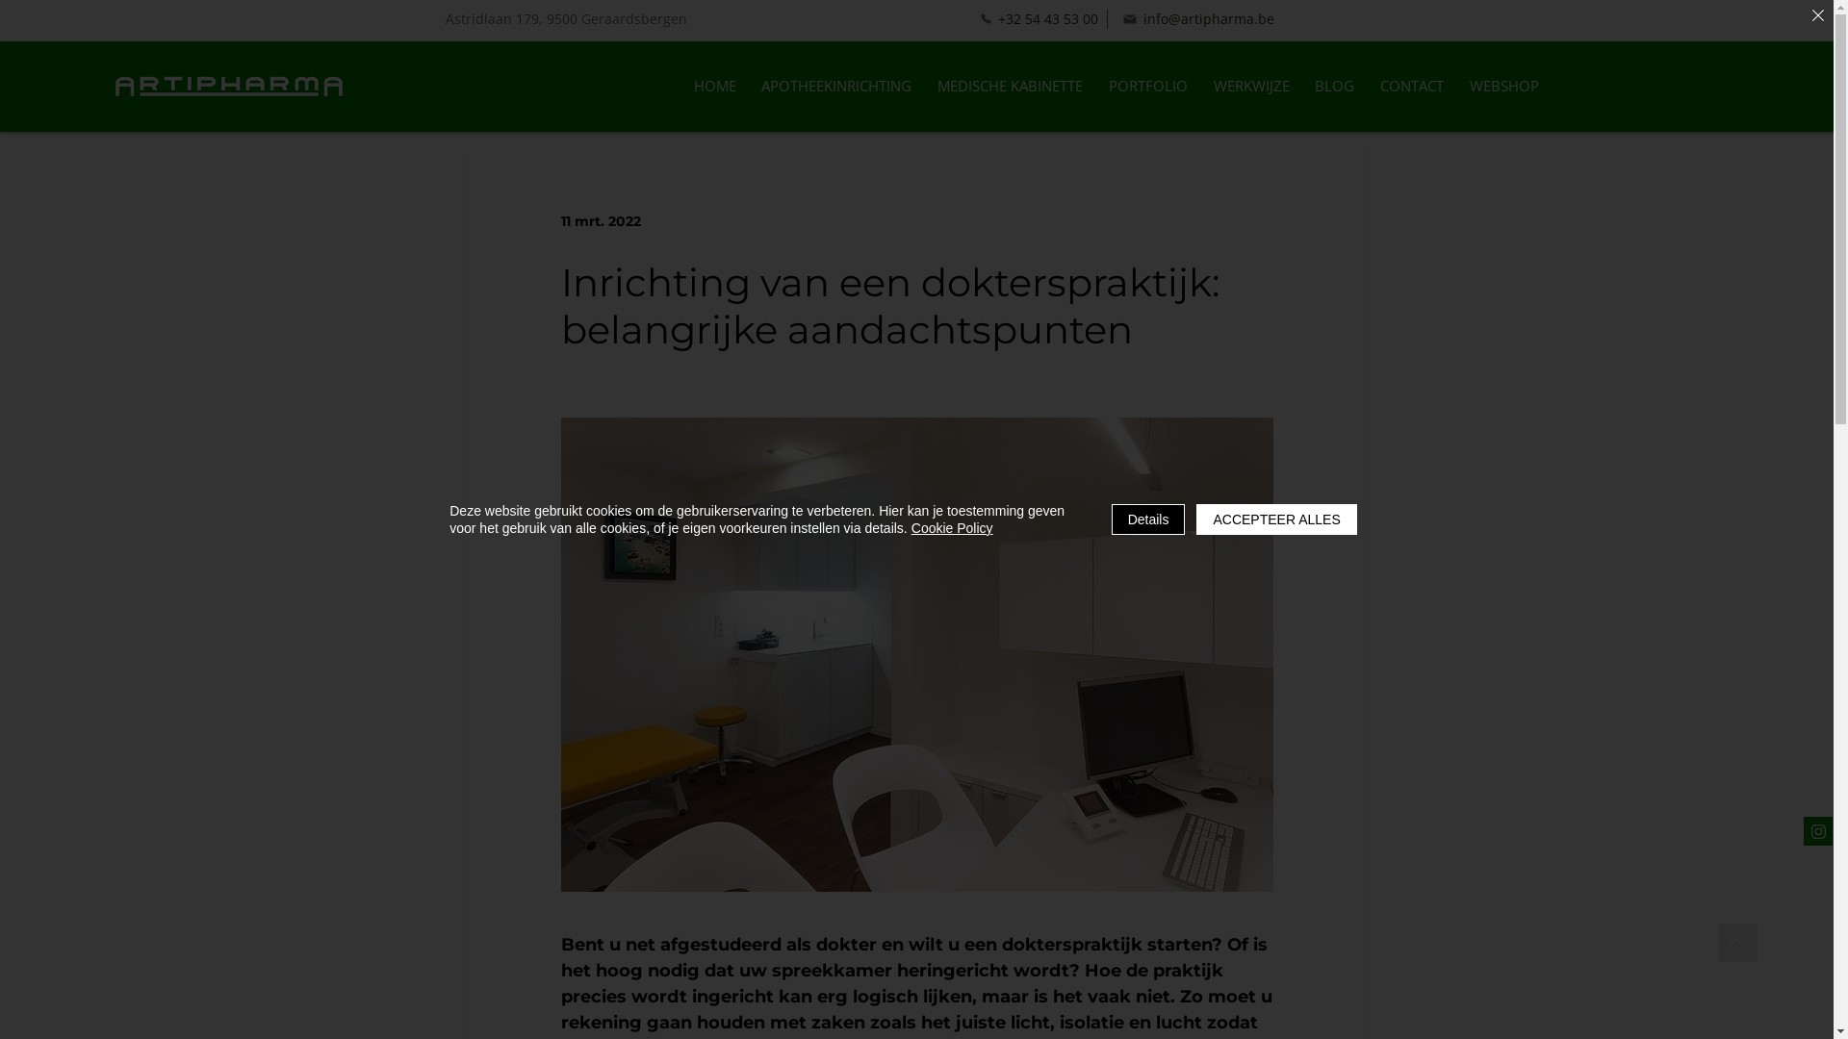 This screenshot has width=1848, height=1039. I want to click on 'ACCEPTEER ALLES', so click(1275, 519).